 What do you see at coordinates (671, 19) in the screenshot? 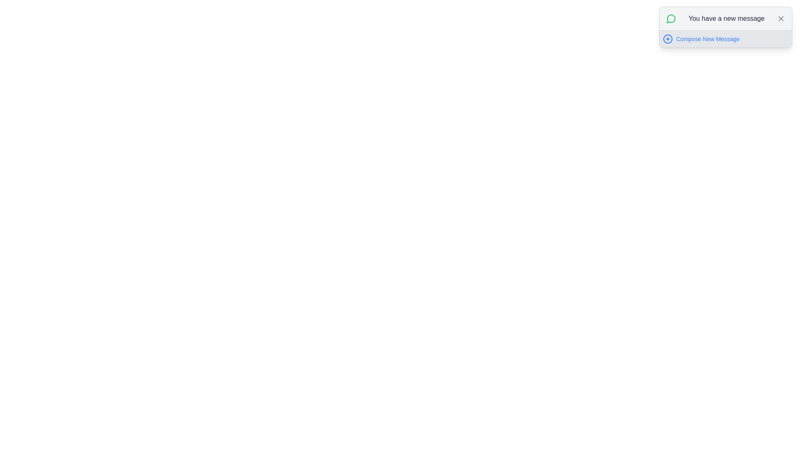
I see `the notification icon located in the top-right corner of the interface, which indicates message or communication-related notifications` at bounding box center [671, 19].